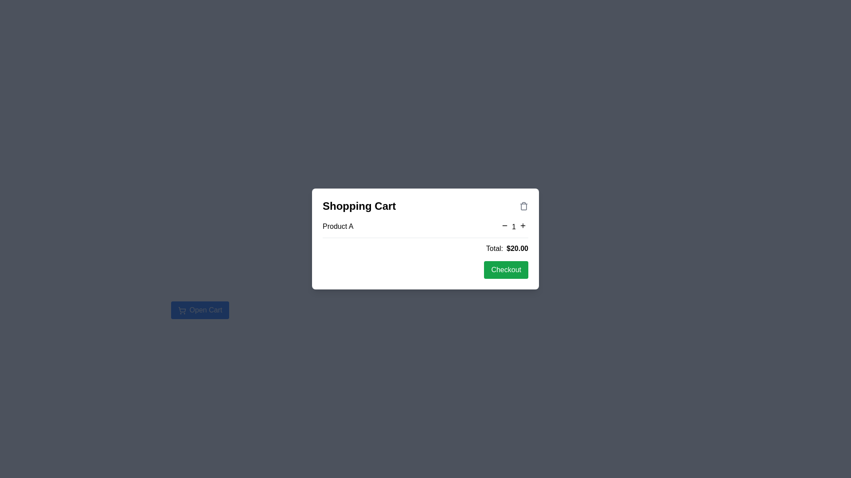  Describe the element at coordinates (505, 225) in the screenshot. I see `the decrement Icon button located to the left of the quantity indicator in the shopping cart section to decrease the quantity of the associated product` at that location.